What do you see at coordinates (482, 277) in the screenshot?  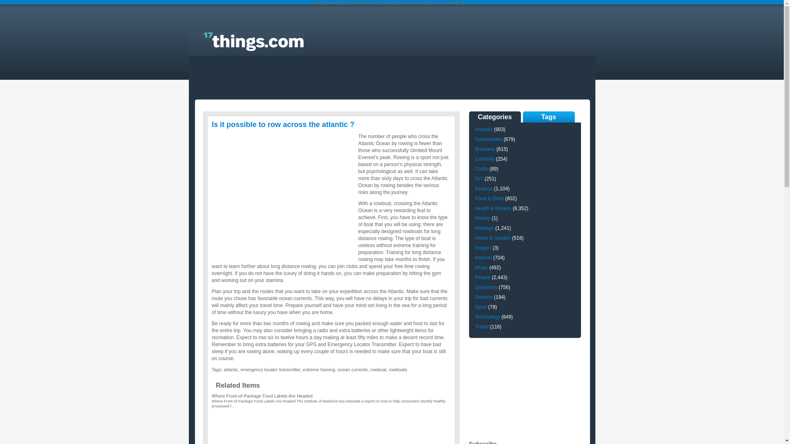 I see `'People'` at bounding box center [482, 277].